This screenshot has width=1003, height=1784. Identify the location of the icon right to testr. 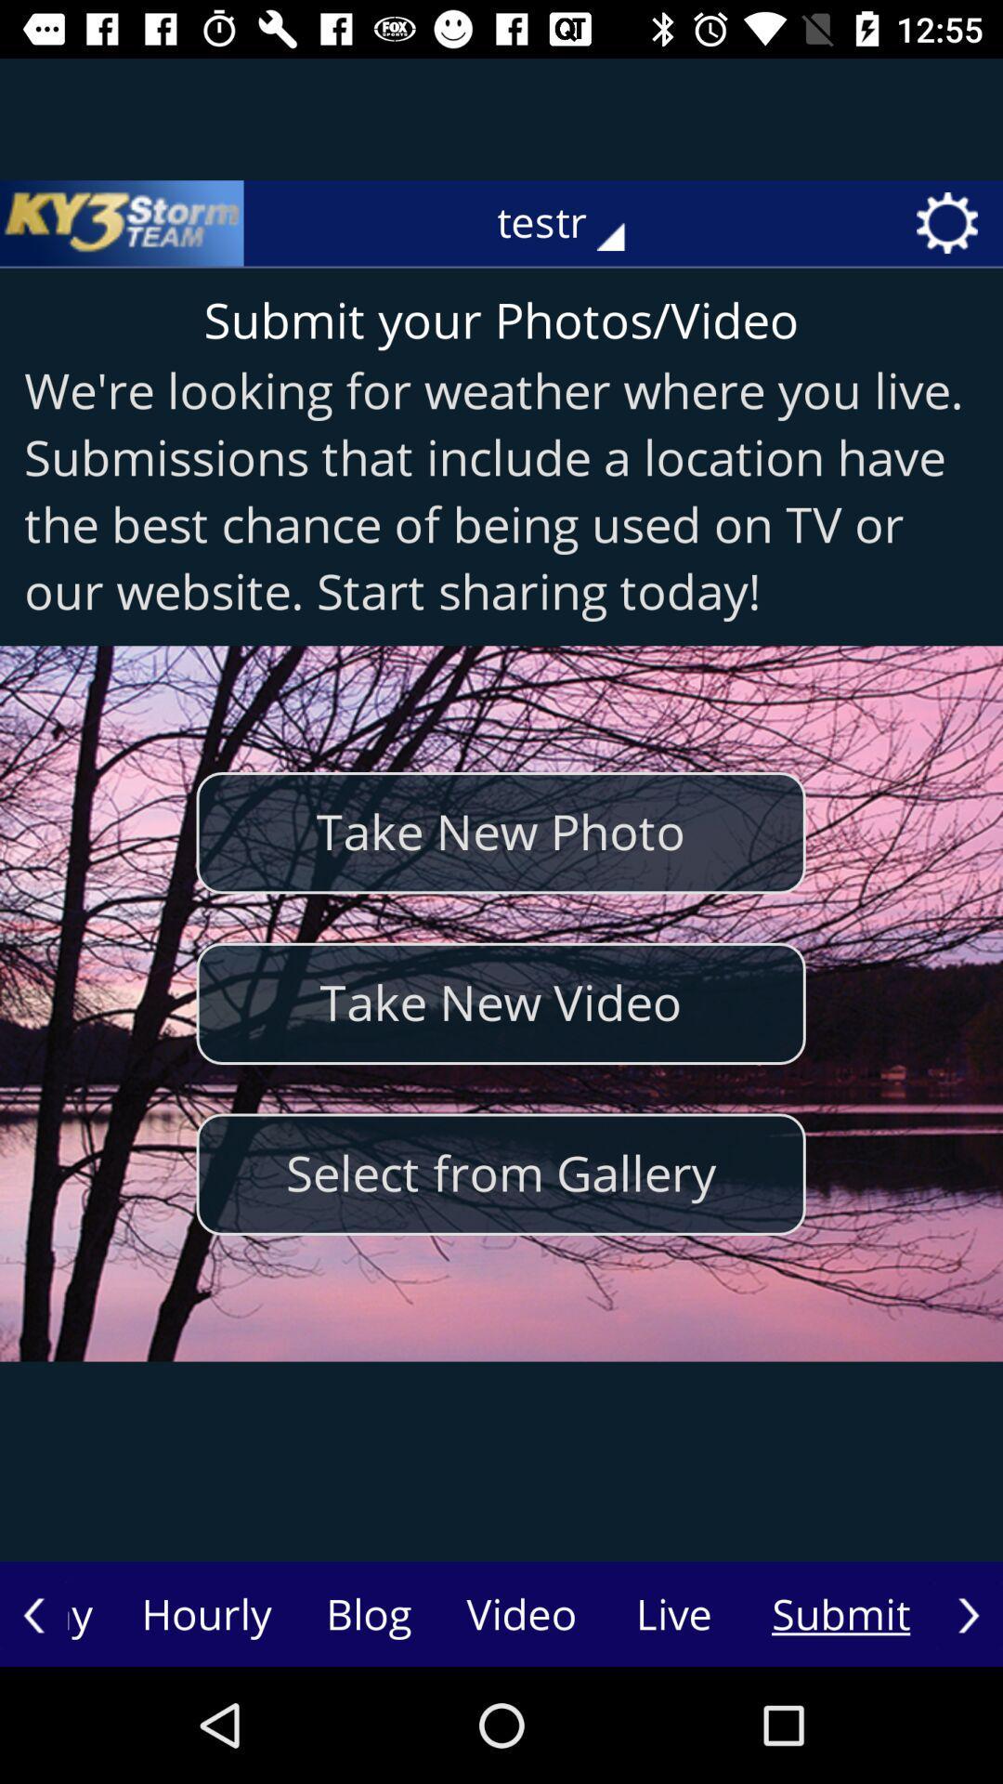
(953, 223).